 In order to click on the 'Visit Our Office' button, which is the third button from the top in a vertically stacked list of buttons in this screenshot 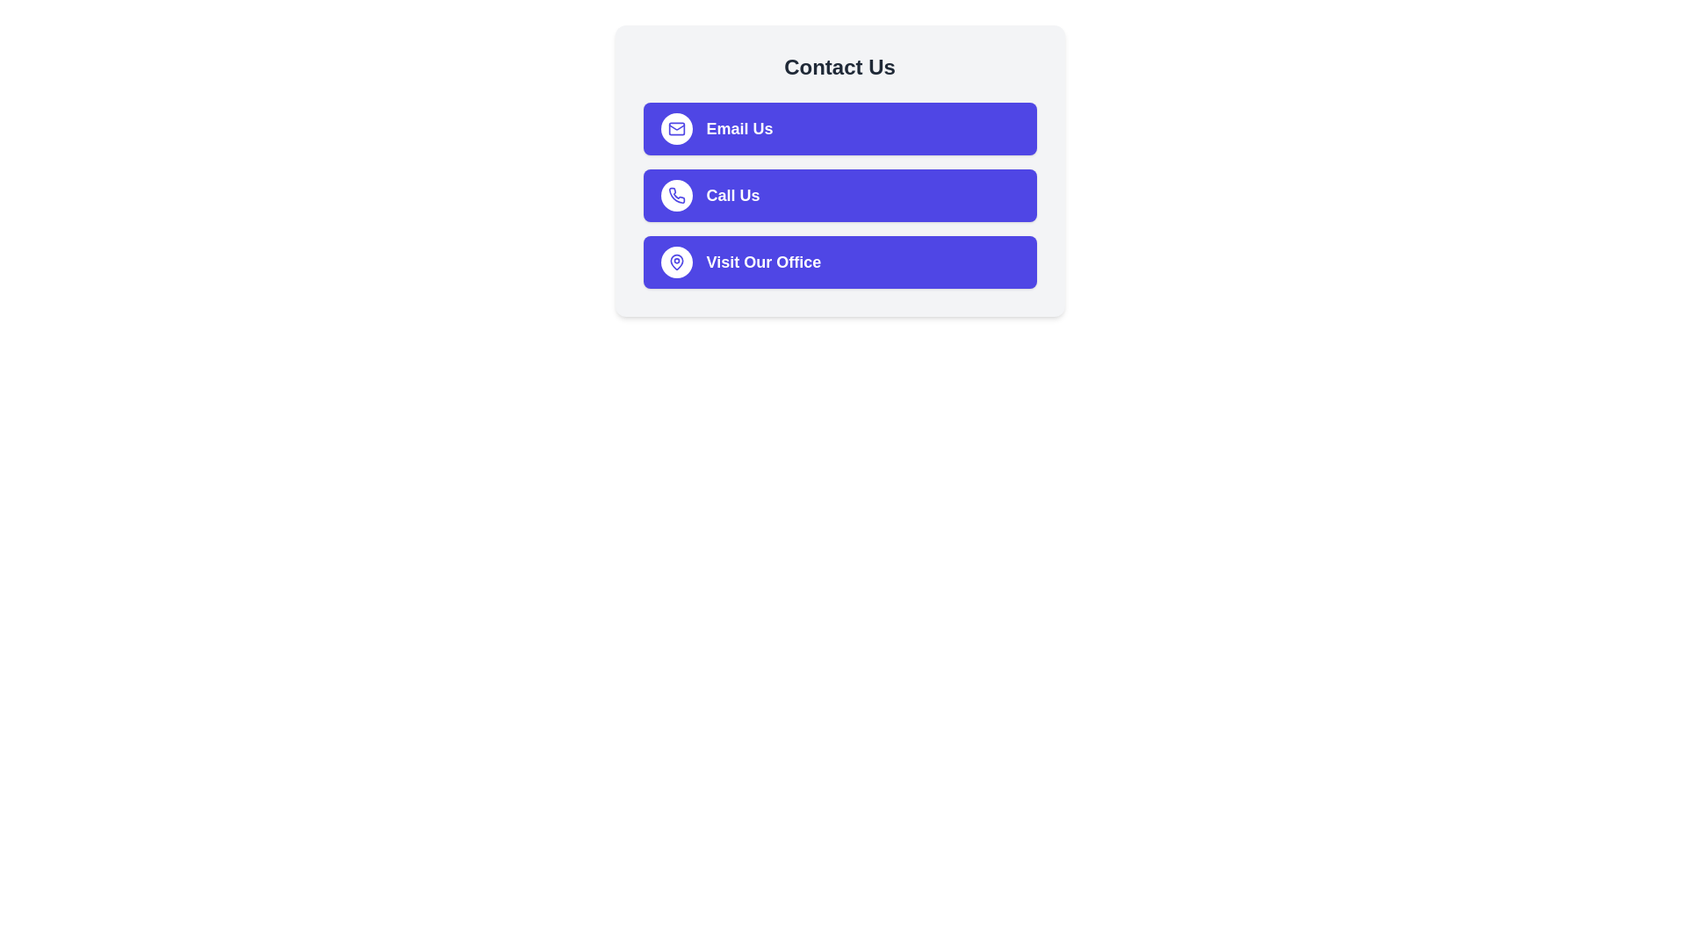, I will do `click(839, 262)`.